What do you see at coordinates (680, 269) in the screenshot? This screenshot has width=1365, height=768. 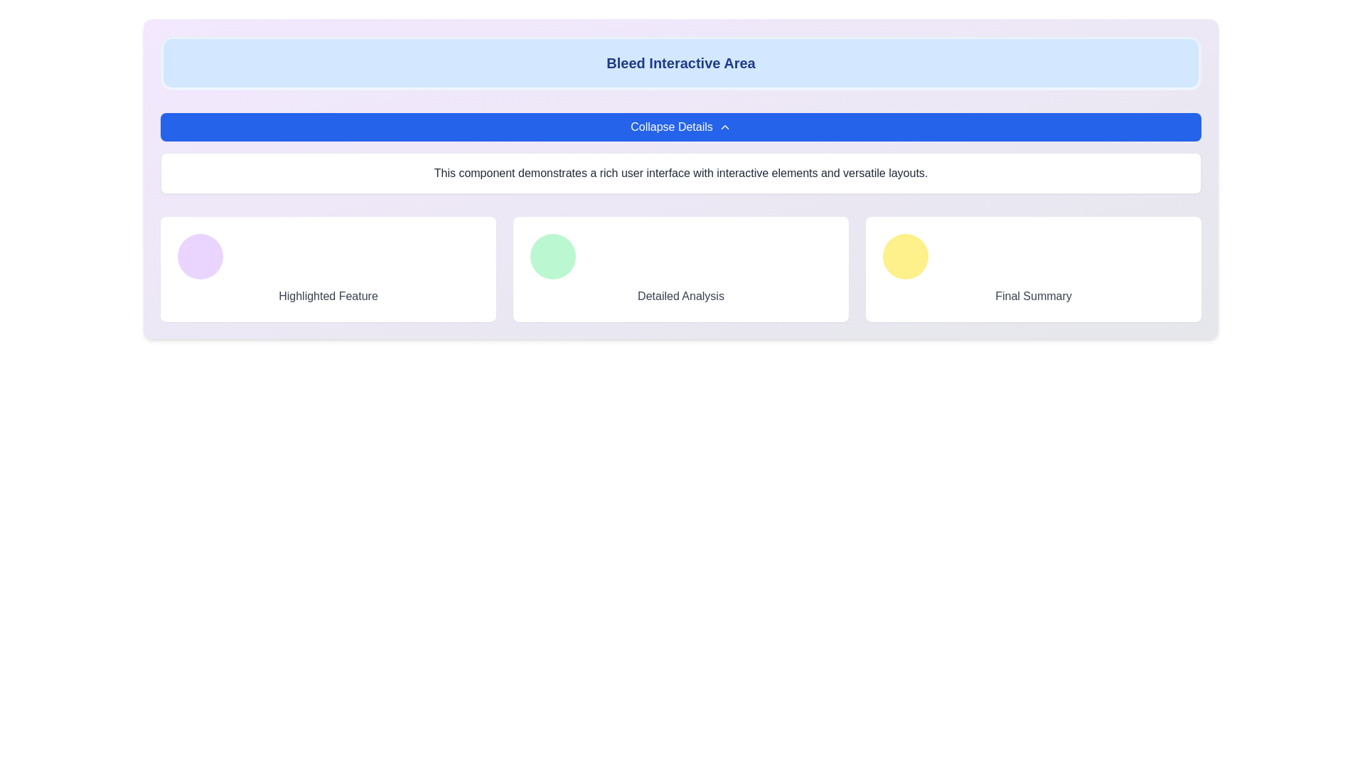 I see `the 'Detailed Analysis' card, which is the second card in a row of three, positioned between 'Highlighted Feature' and 'Final Summary'` at bounding box center [680, 269].